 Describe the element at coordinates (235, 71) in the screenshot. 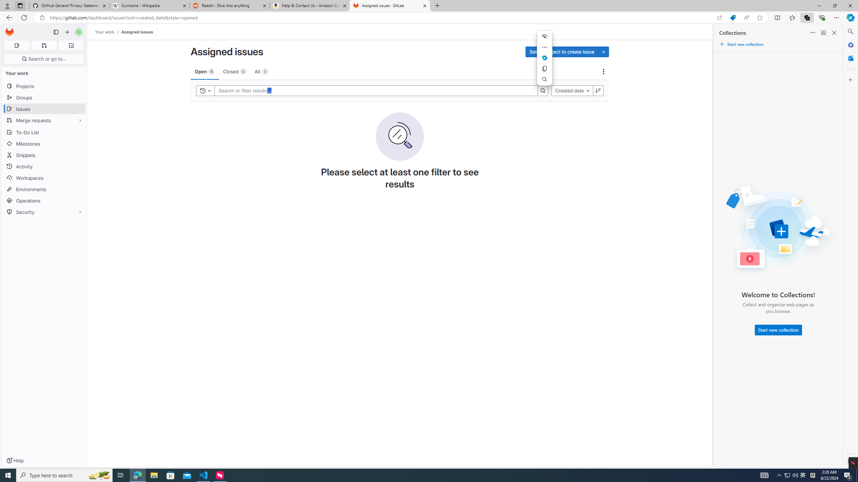

I see `'Closed 0'` at that location.